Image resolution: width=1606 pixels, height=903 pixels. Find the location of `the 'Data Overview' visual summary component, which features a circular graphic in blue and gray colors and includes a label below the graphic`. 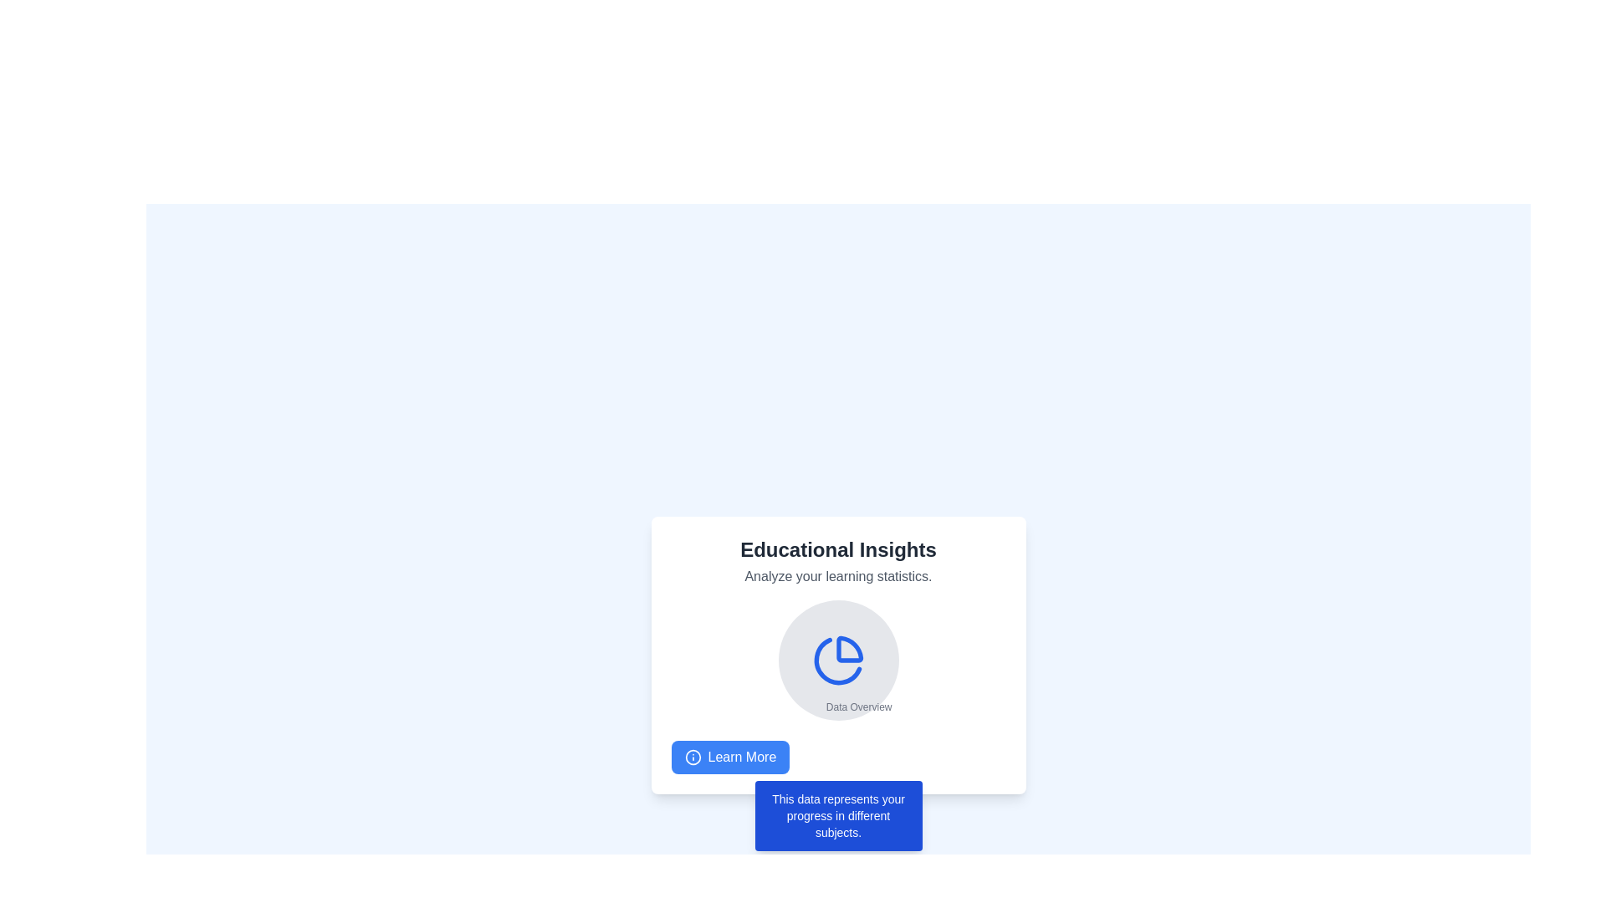

the 'Data Overview' visual summary component, which features a circular graphic in blue and gray colors and includes a label below the graphic is located at coordinates (838, 660).